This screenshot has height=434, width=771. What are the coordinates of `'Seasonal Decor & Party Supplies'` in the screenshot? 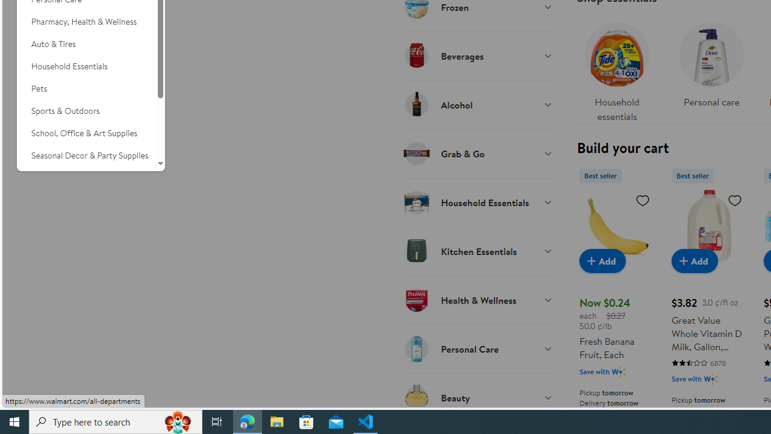 It's located at (86, 155).